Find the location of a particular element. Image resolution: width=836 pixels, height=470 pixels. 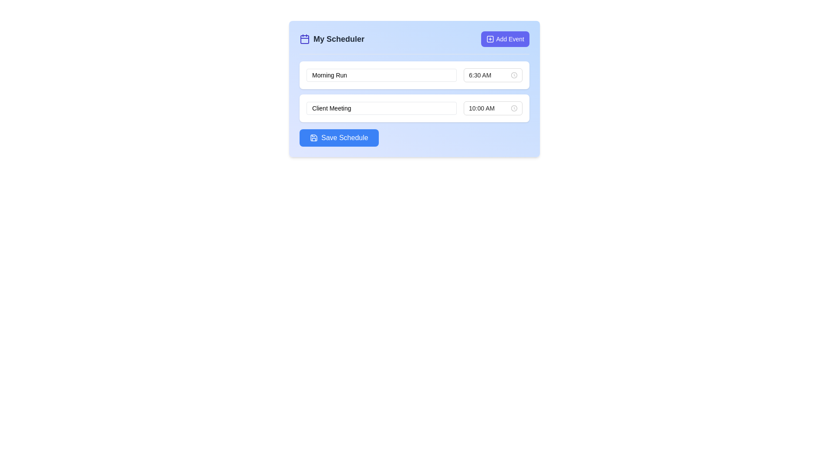

the SVG Rectangle representing the 'Add Event' functionality located at the top-right corner of the scheduler interface is located at coordinates (490, 38).